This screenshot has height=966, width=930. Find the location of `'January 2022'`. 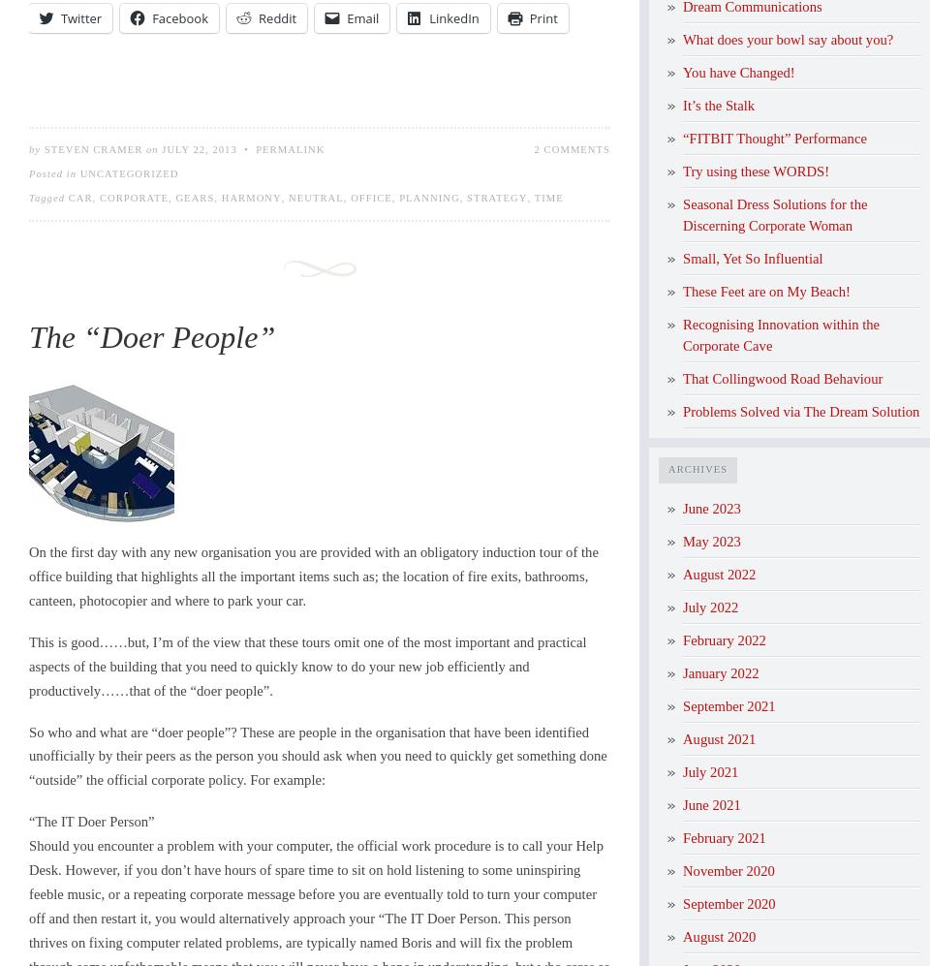

'January 2022' is located at coordinates (720, 671).